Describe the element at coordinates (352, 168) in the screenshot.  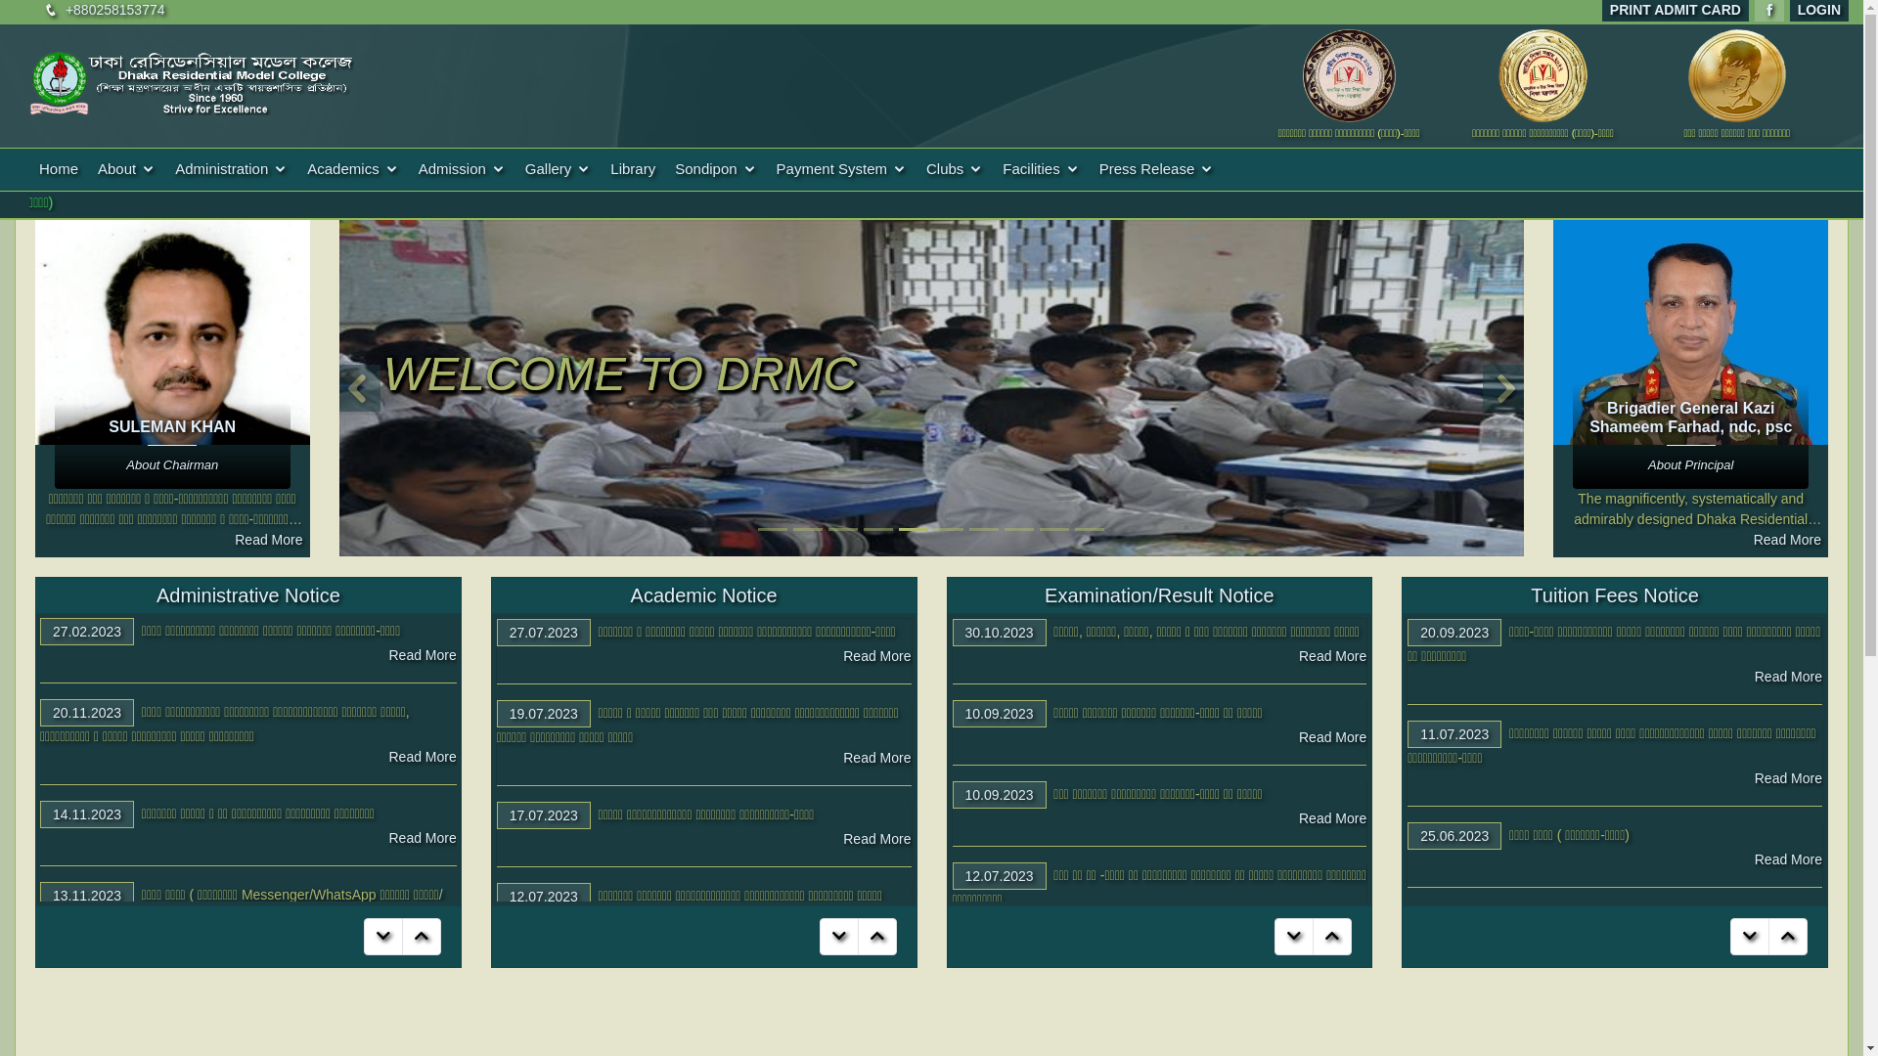
I see `'Academics'` at that location.